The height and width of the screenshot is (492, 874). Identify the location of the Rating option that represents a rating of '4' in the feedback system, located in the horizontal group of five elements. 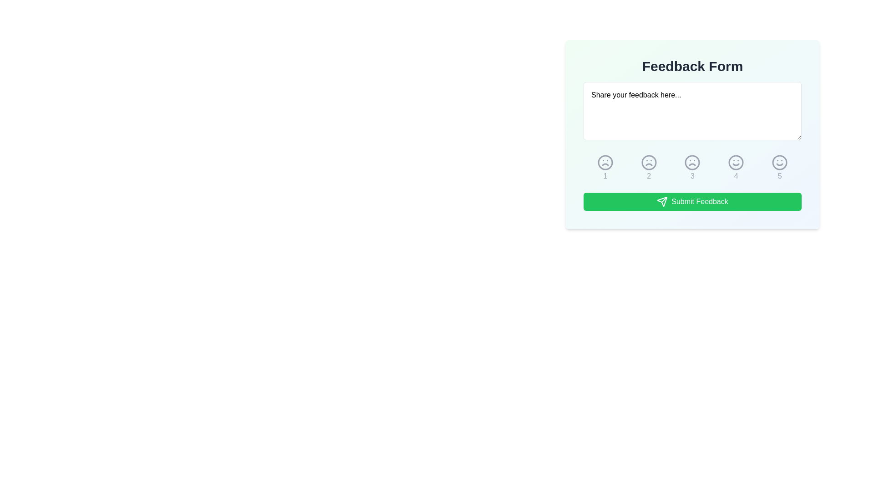
(736, 168).